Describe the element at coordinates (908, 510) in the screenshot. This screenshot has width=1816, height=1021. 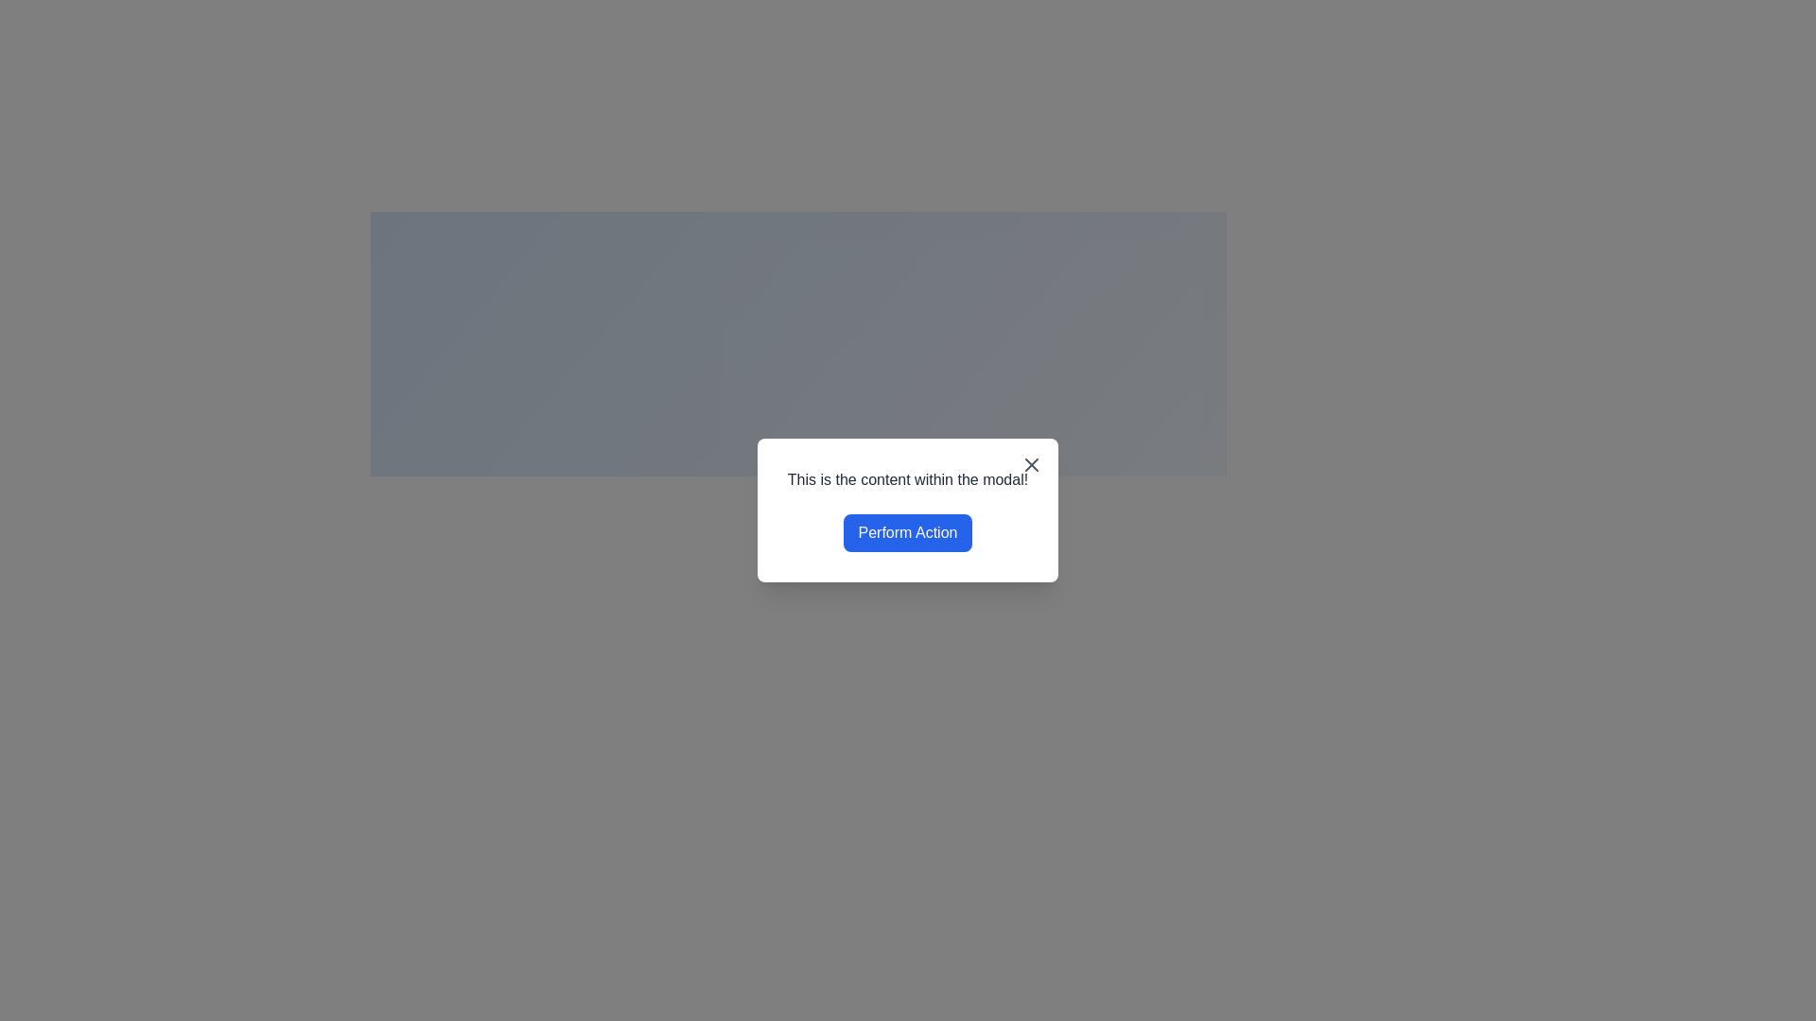
I see `the blue button labeled 'Perform Action' inside the modal dialog that contains the message 'This is the content within the modal!'` at that location.